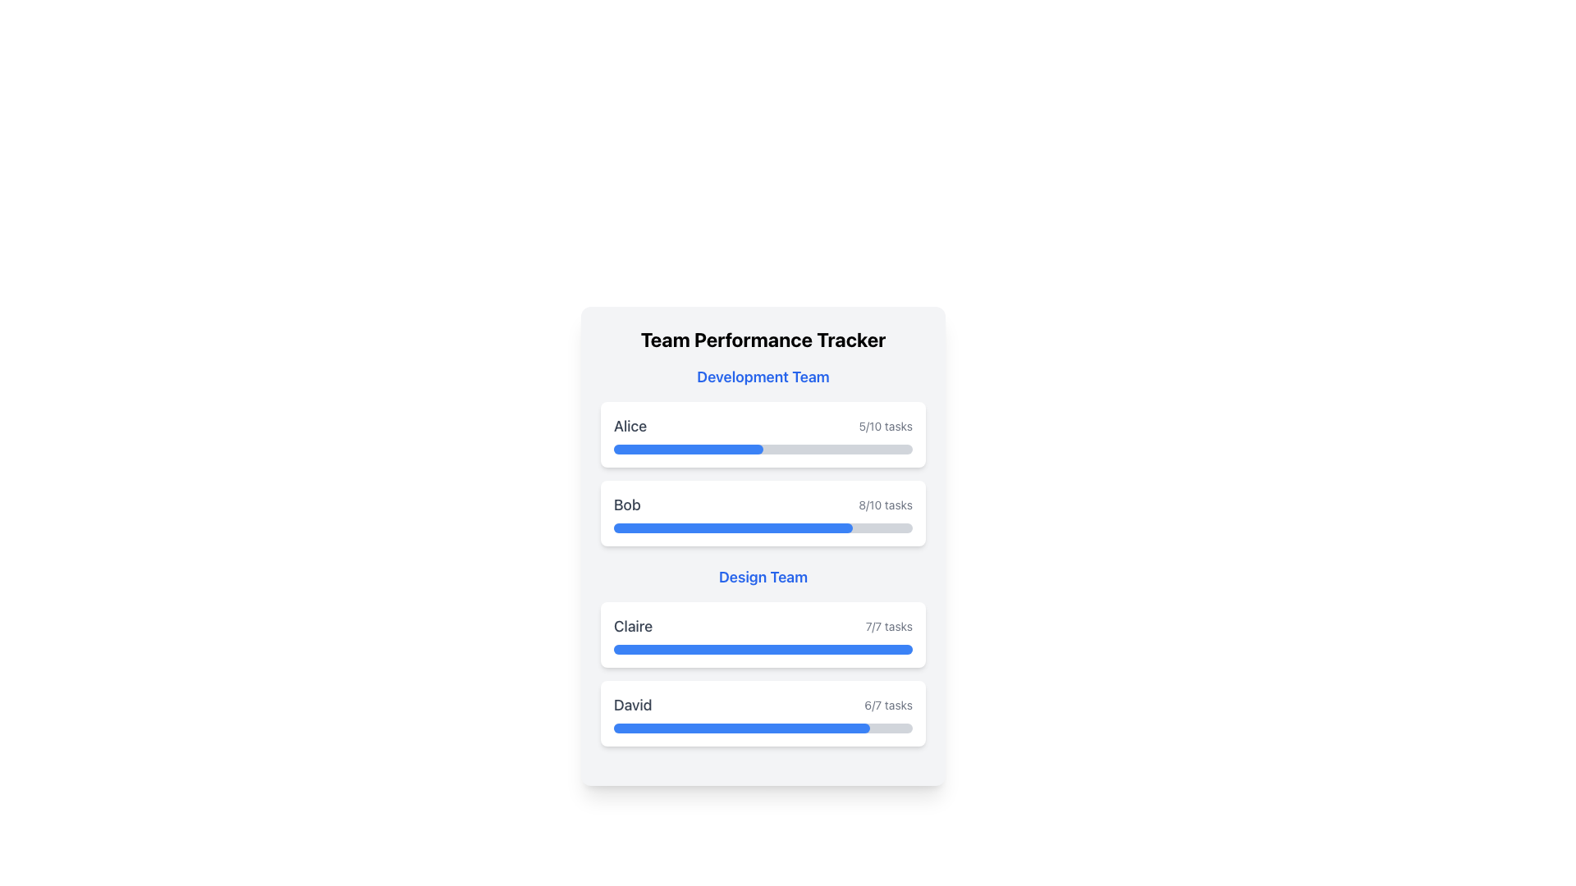 The image size is (1576, 886). Describe the element at coordinates (763, 674) in the screenshot. I see `the Text and progress visualization component for the 'Design Team', which displays task completion progress for Claire and David` at that location.